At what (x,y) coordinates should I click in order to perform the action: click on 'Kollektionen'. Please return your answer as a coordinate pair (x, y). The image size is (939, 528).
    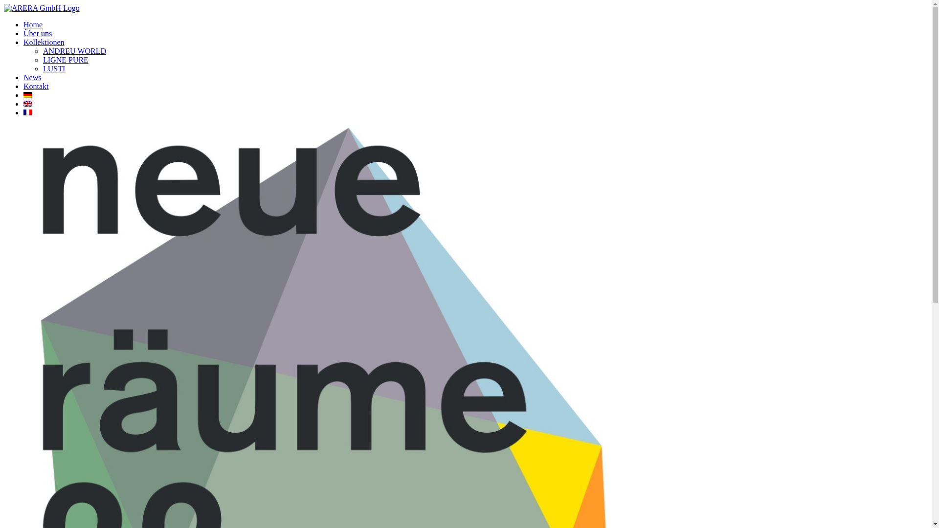
    Looking at the image, I should click on (44, 42).